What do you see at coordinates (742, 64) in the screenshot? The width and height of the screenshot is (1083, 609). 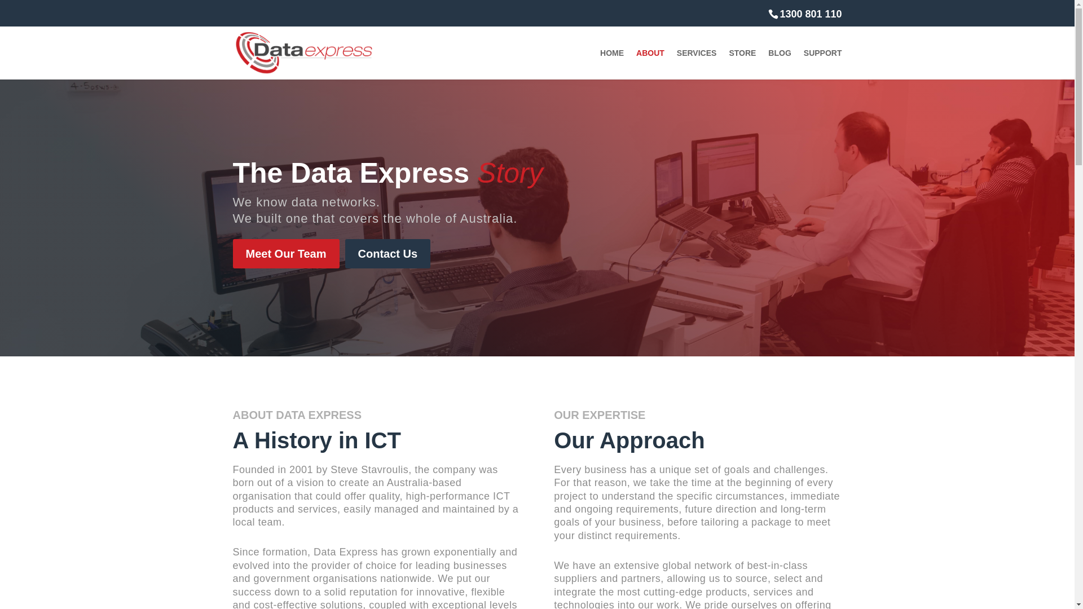 I see `'STORE'` at bounding box center [742, 64].